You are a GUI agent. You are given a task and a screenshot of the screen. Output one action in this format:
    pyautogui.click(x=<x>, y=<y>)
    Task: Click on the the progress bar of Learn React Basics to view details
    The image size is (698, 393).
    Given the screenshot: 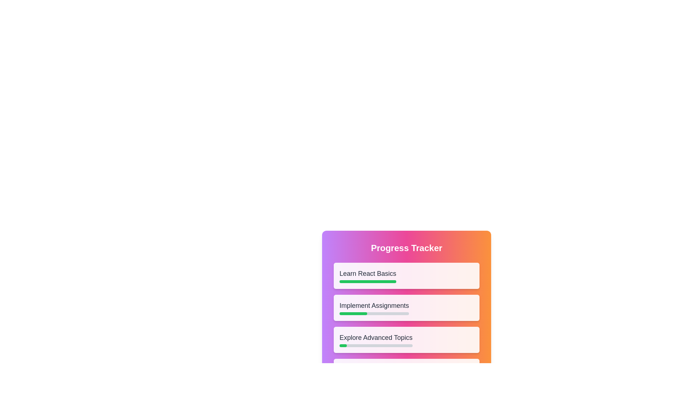 What is the action you would take?
    pyautogui.click(x=368, y=281)
    